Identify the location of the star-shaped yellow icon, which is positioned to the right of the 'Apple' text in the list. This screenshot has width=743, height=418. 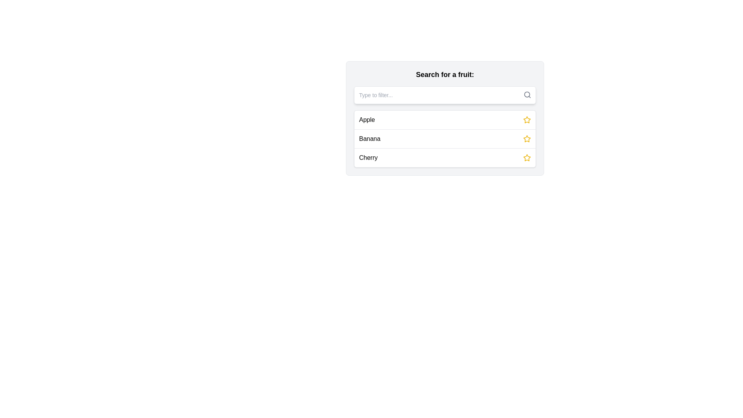
(527, 120).